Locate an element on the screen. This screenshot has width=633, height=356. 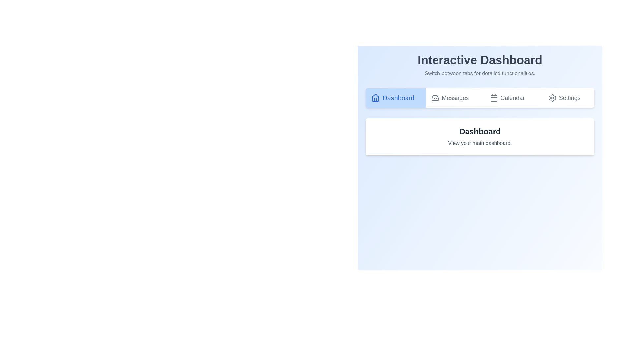
the informational text snippet reading 'View your main dashboard.' which is located directly below the 'Dashboard' heading in a white, rounded rectangular card is located at coordinates (480, 143).